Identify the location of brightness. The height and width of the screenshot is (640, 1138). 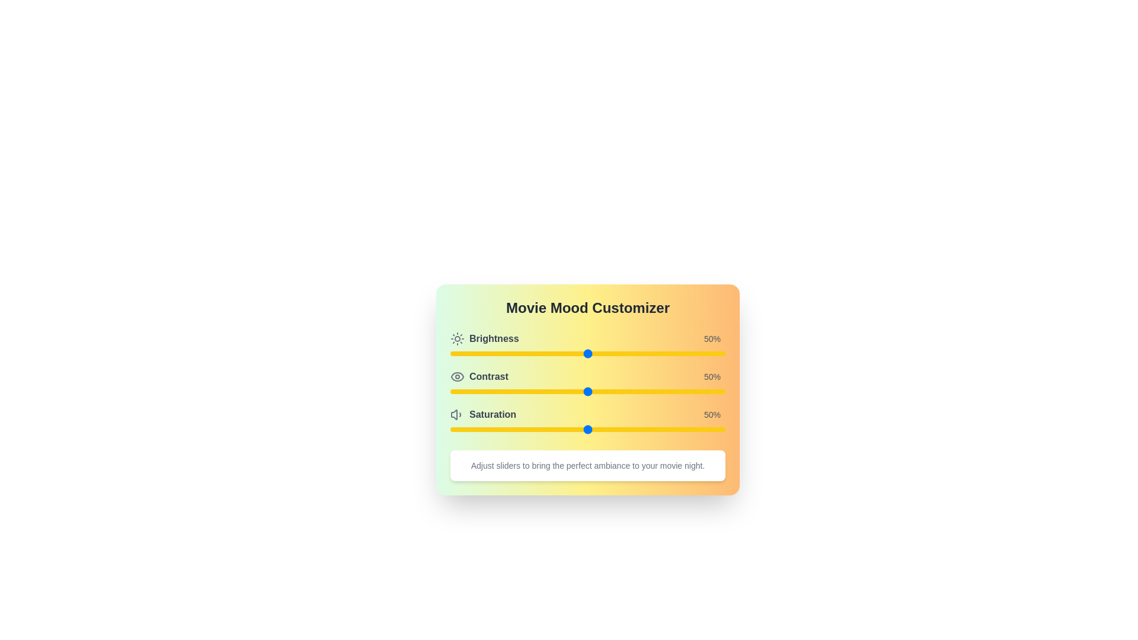
(692, 353).